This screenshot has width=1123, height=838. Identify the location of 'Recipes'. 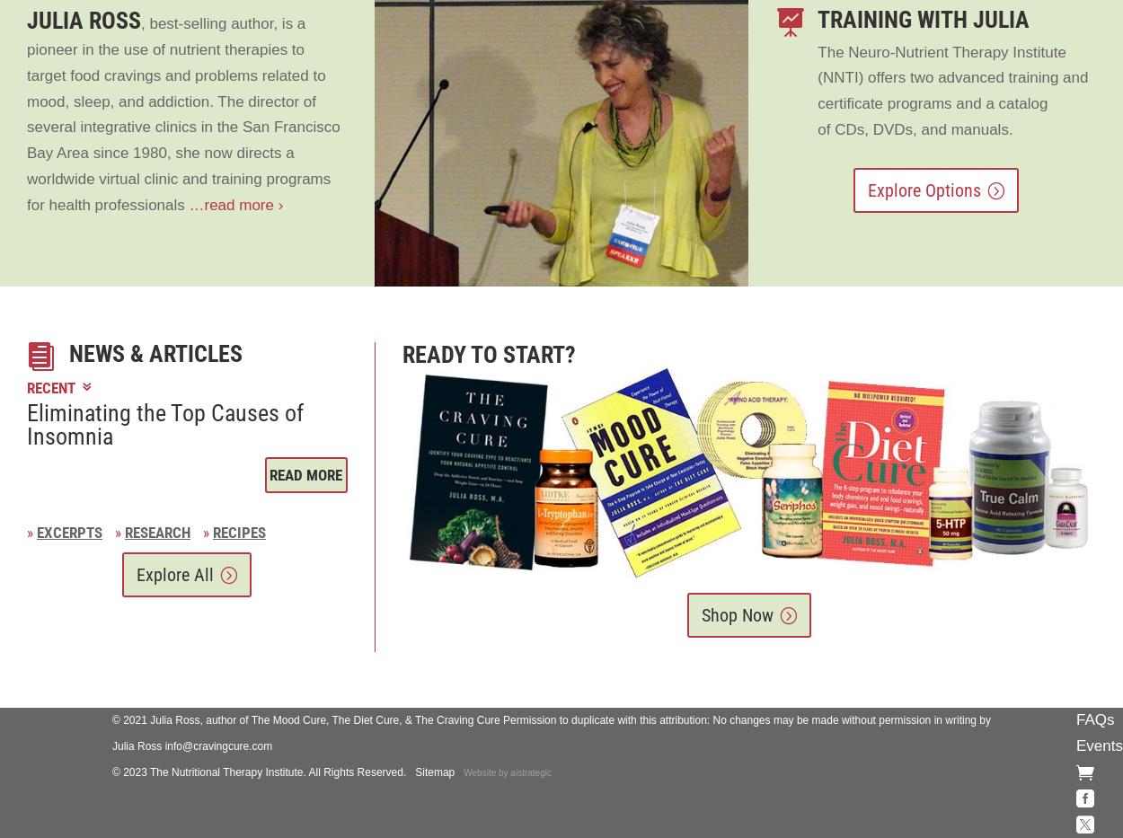
(239, 533).